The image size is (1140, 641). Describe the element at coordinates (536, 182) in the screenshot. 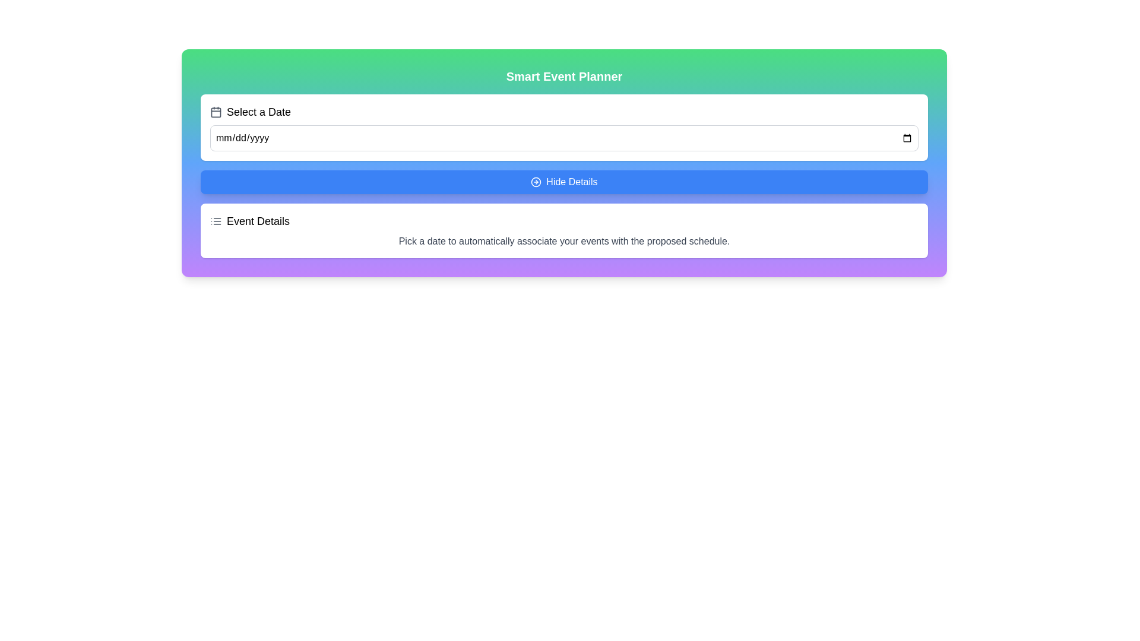

I see `the decorative arrow graphic within the 'Hide Details' button, which is located in the upper section of the interface, right-aligned within a blue bar` at that location.